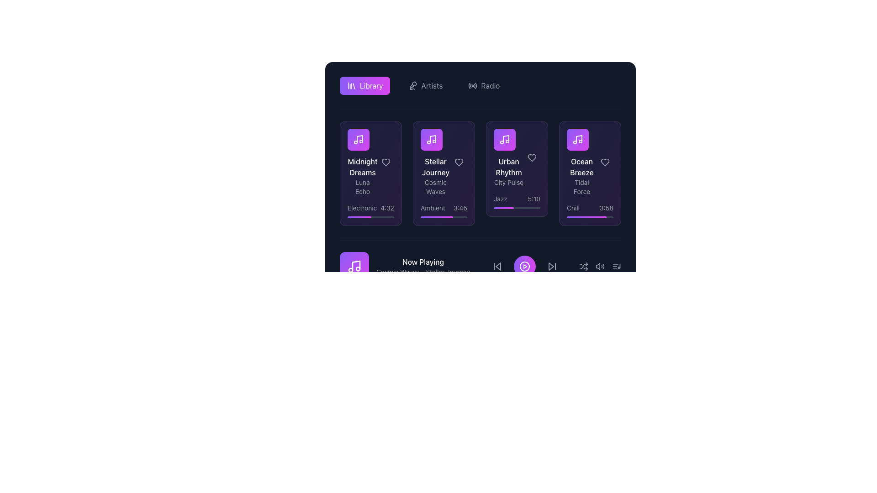 The image size is (877, 493). I want to click on the navigational text label displaying 'Radio' in a light gray font, part of the top navigation menu, so click(490, 86).